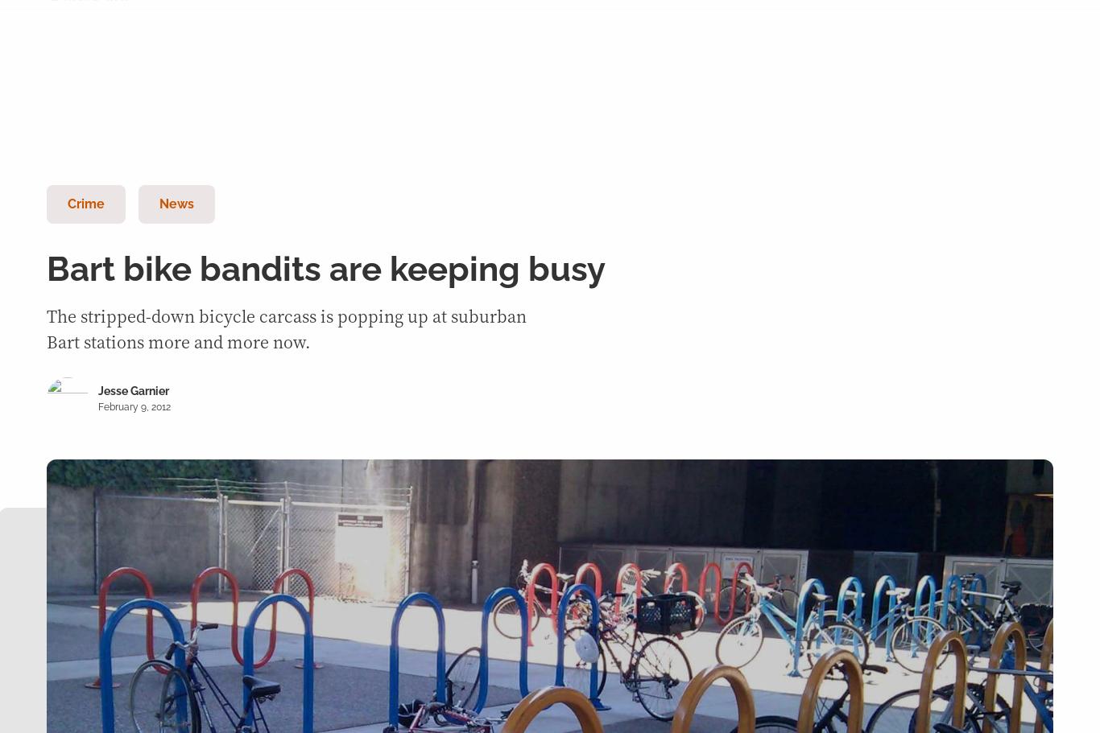  I want to click on 'Crime', so click(85, 203).